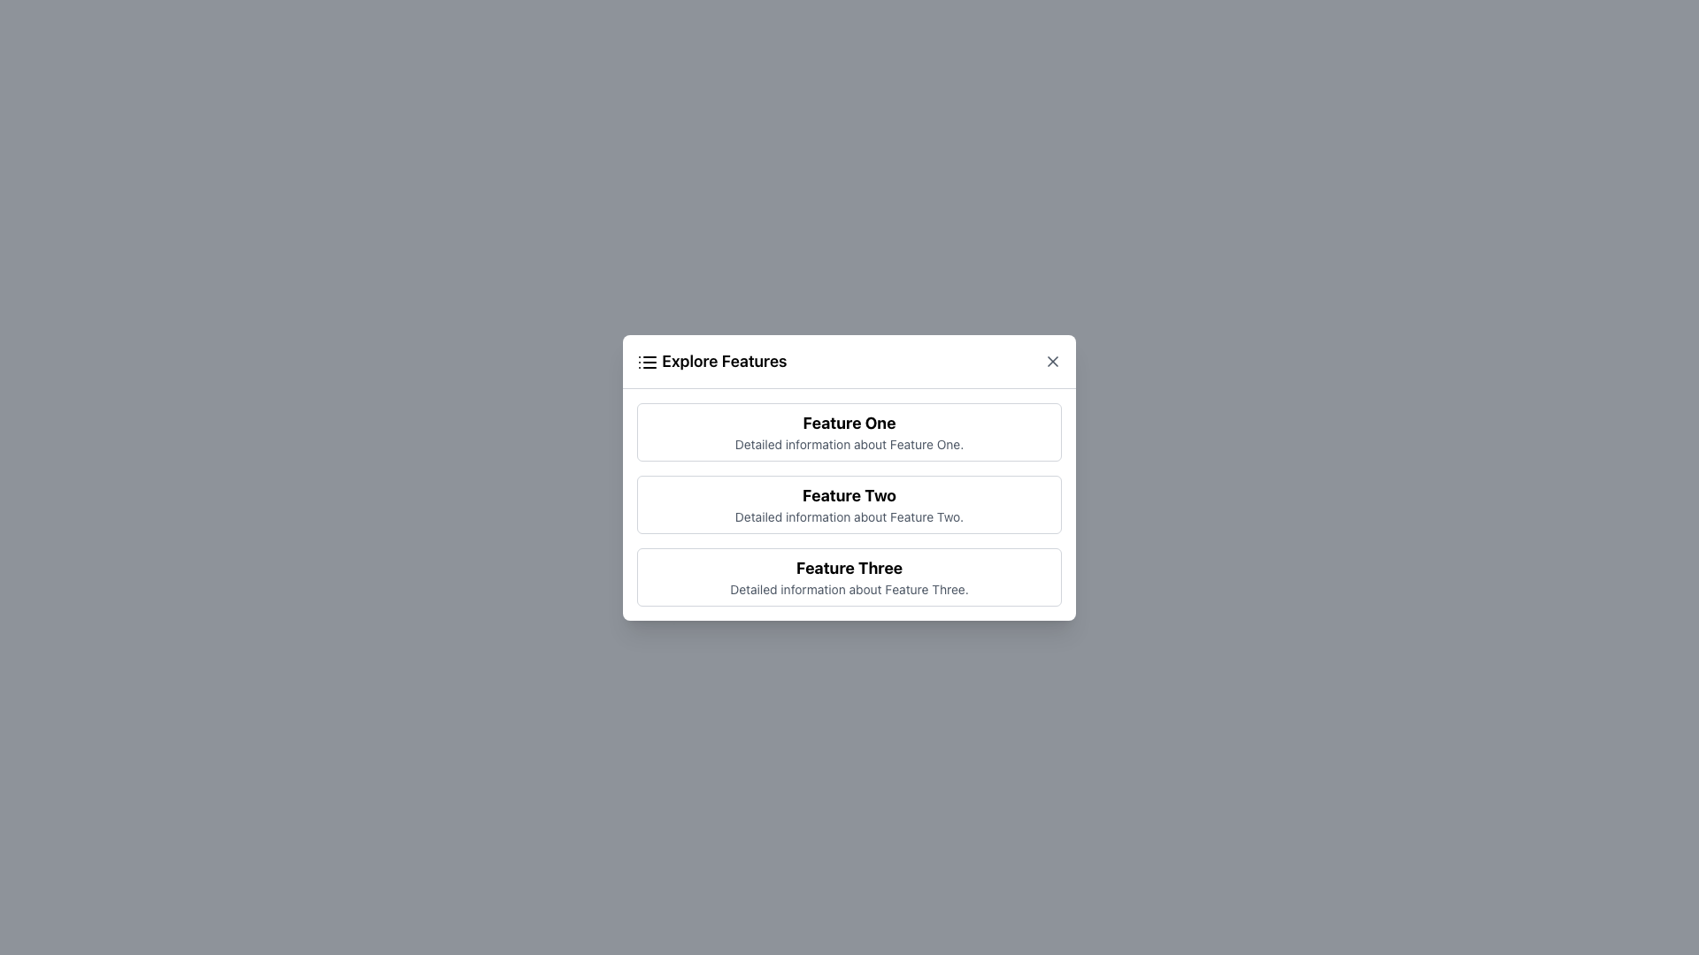 Image resolution: width=1699 pixels, height=955 pixels. Describe the element at coordinates (646, 360) in the screenshot. I see `the list/menu icon located at the top left corner of the 'Explore Features' modal dialog, which is situated to the left of the 'Explore Features' text` at that location.